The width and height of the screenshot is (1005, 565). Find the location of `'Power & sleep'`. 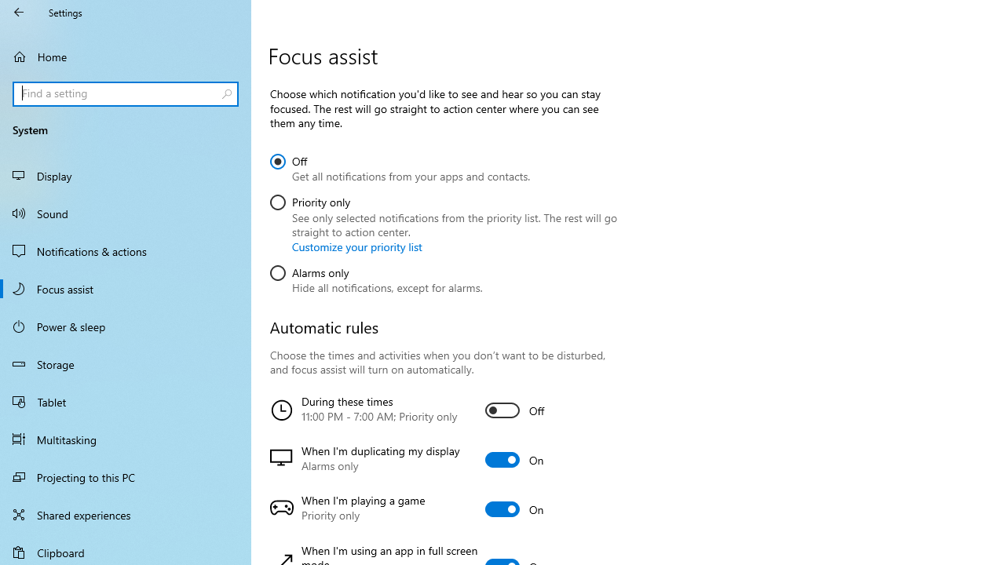

'Power & sleep' is located at coordinates (126, 325).